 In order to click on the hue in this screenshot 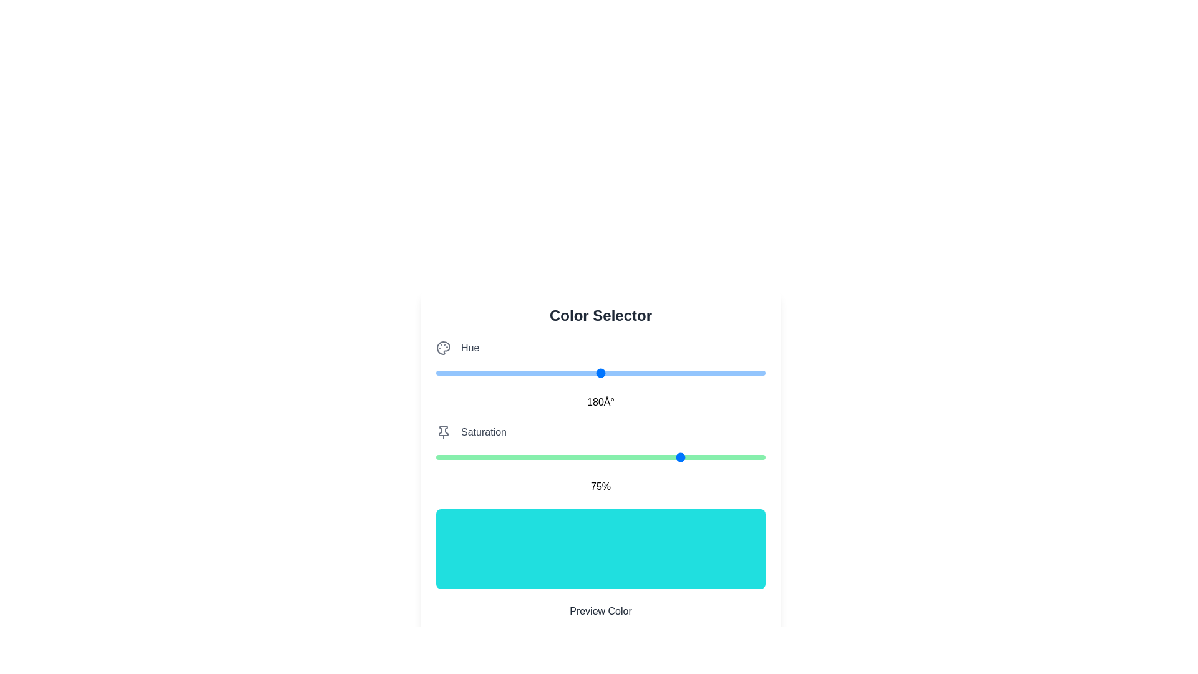, I will do `click(662, 372)`.